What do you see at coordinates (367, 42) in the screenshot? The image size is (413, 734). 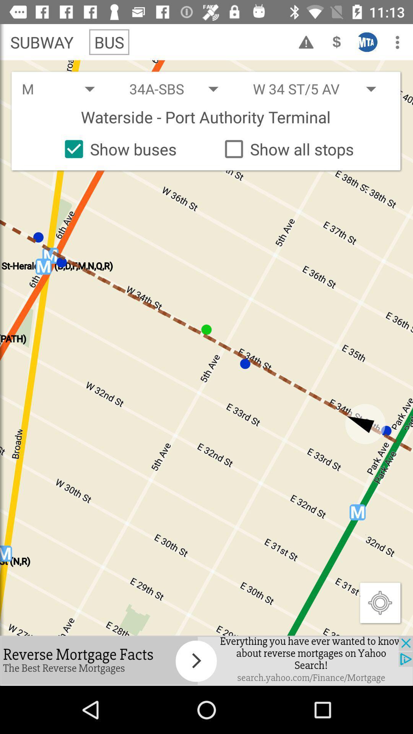 I see `the icon on right side of dollar icon` at bounding box center [367, 42].